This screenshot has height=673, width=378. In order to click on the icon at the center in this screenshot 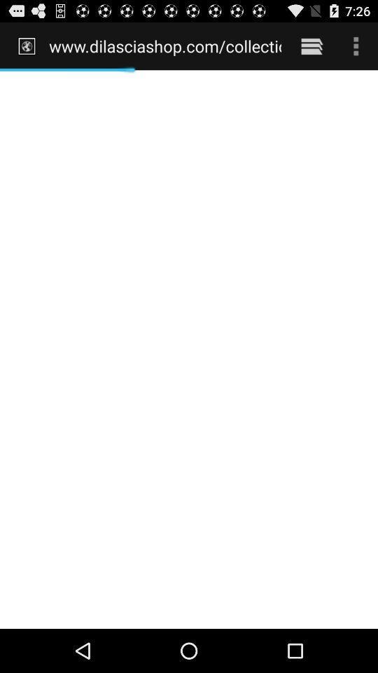, I will do `click(189, 348)`.